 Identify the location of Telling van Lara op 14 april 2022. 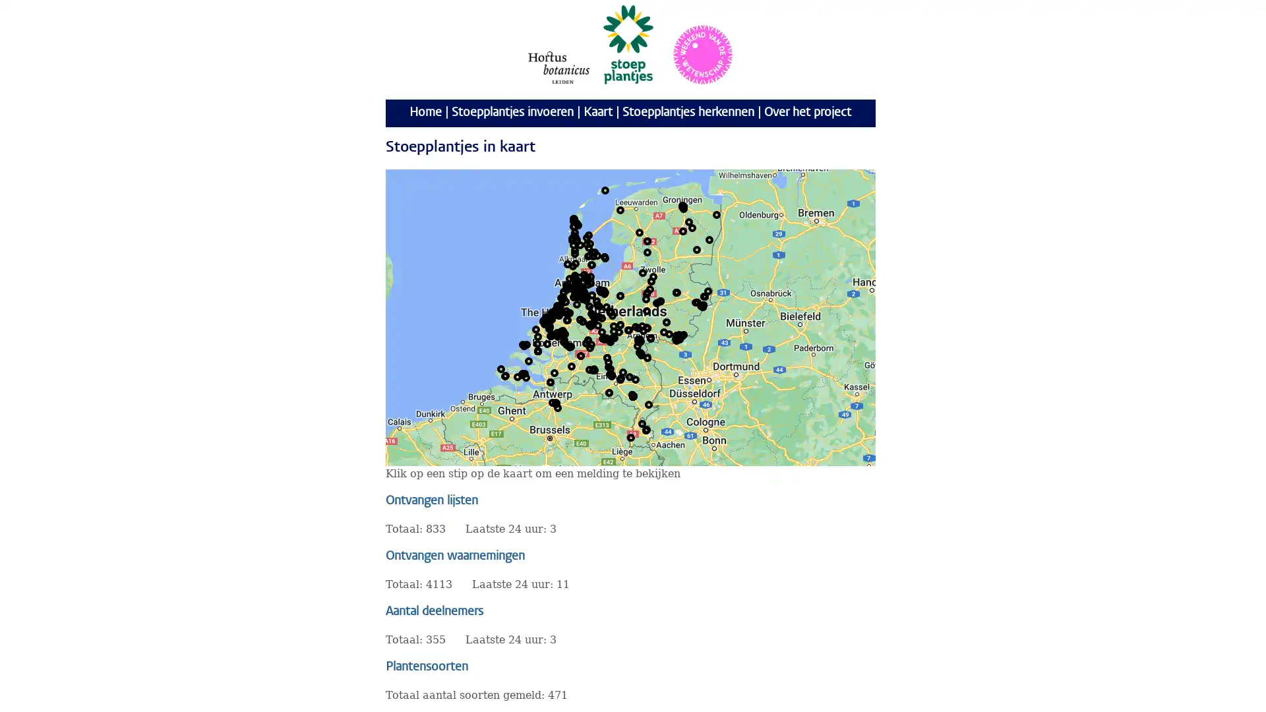
(582, 289).